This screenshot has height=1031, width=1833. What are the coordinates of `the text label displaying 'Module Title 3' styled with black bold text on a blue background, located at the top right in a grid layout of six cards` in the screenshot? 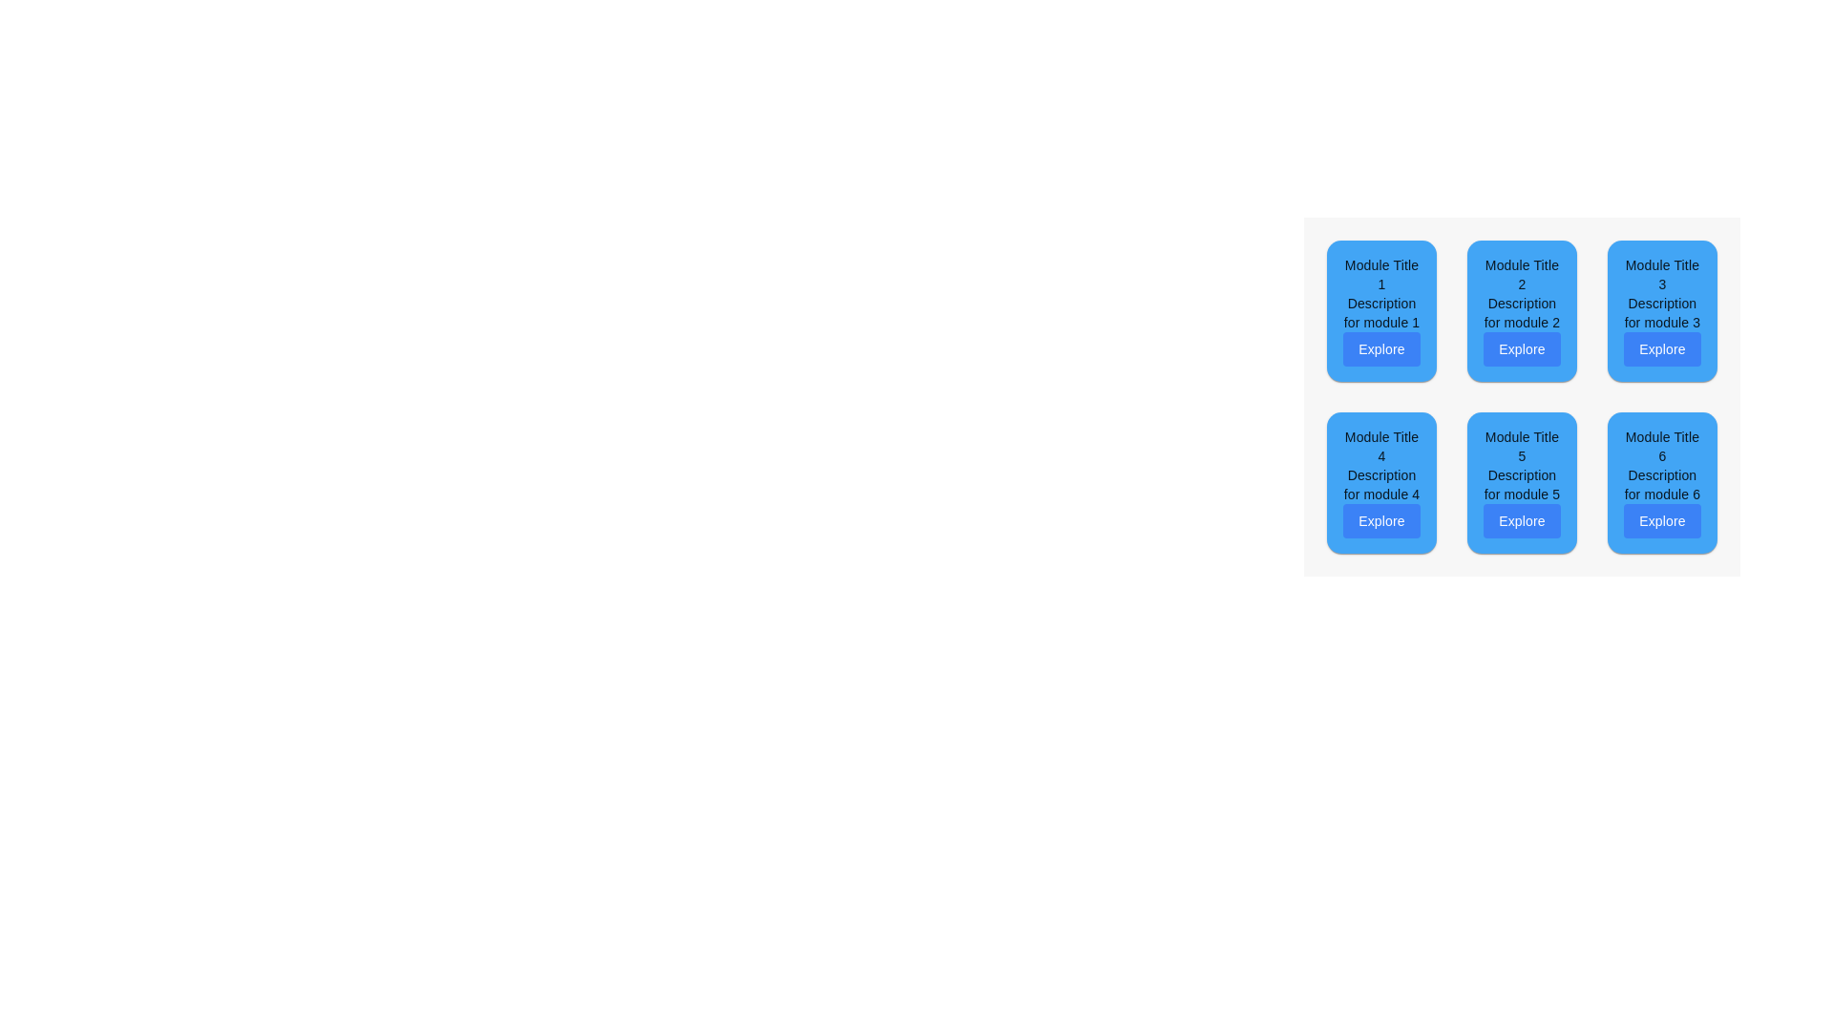 It's located at (1661, 275).